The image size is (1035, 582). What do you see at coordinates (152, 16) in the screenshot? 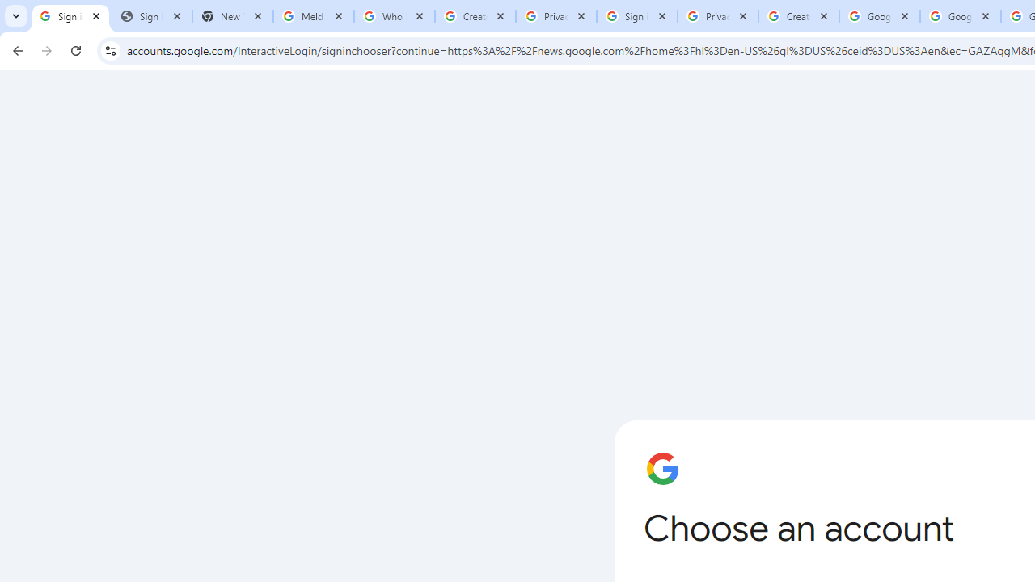
I see `'Sign In - USA TODAY'` at bounding box center [152, 16].